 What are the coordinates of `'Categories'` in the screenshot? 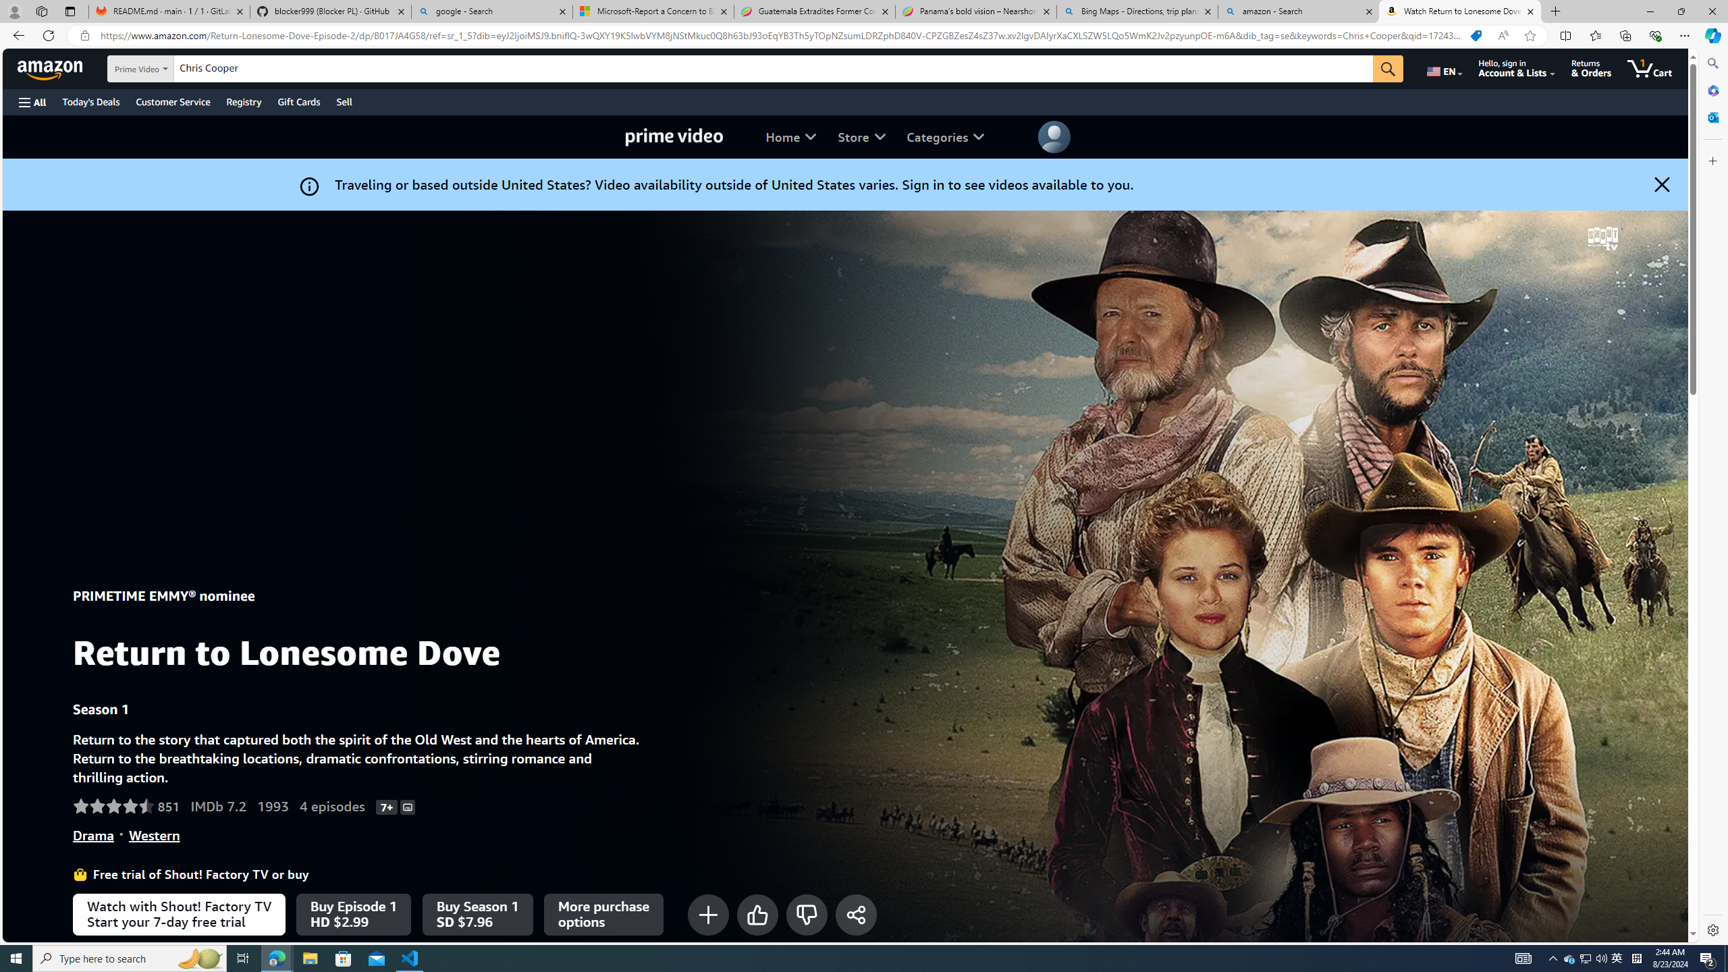 It's located at (944, 136).